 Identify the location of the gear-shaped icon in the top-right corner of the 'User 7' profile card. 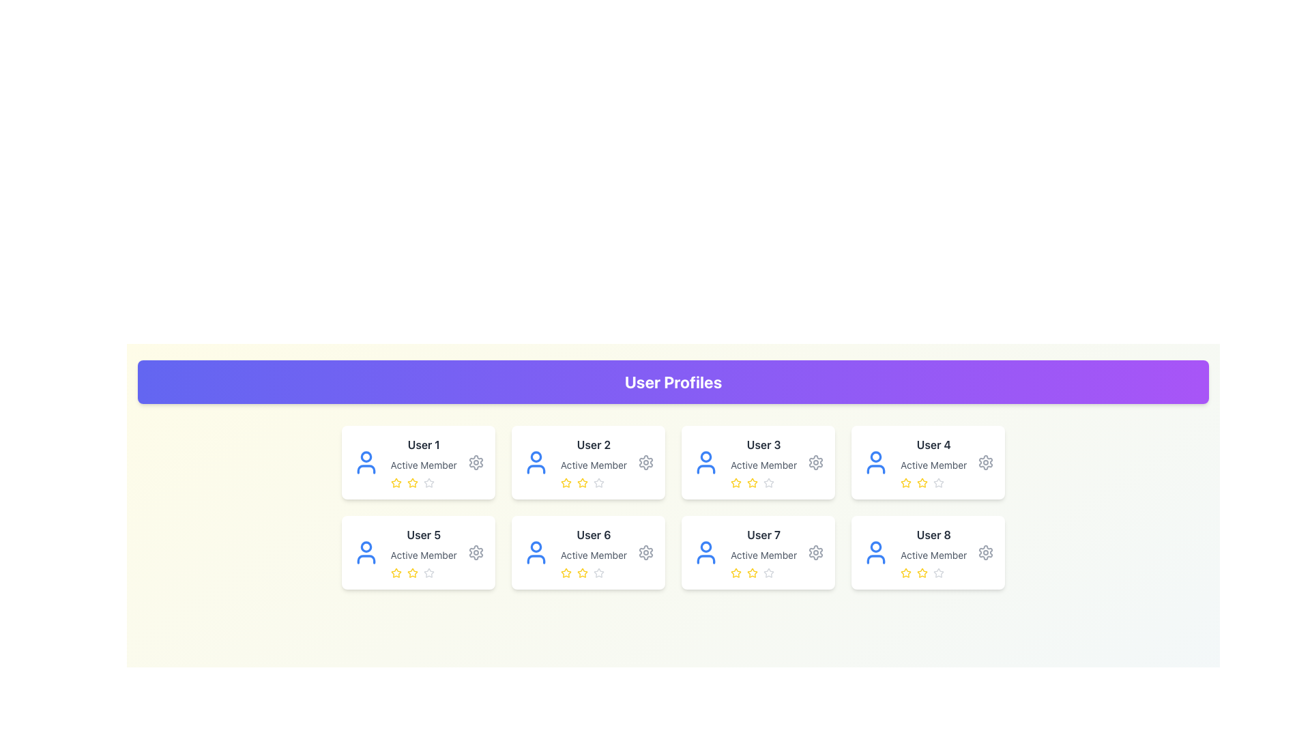
(816, 553).